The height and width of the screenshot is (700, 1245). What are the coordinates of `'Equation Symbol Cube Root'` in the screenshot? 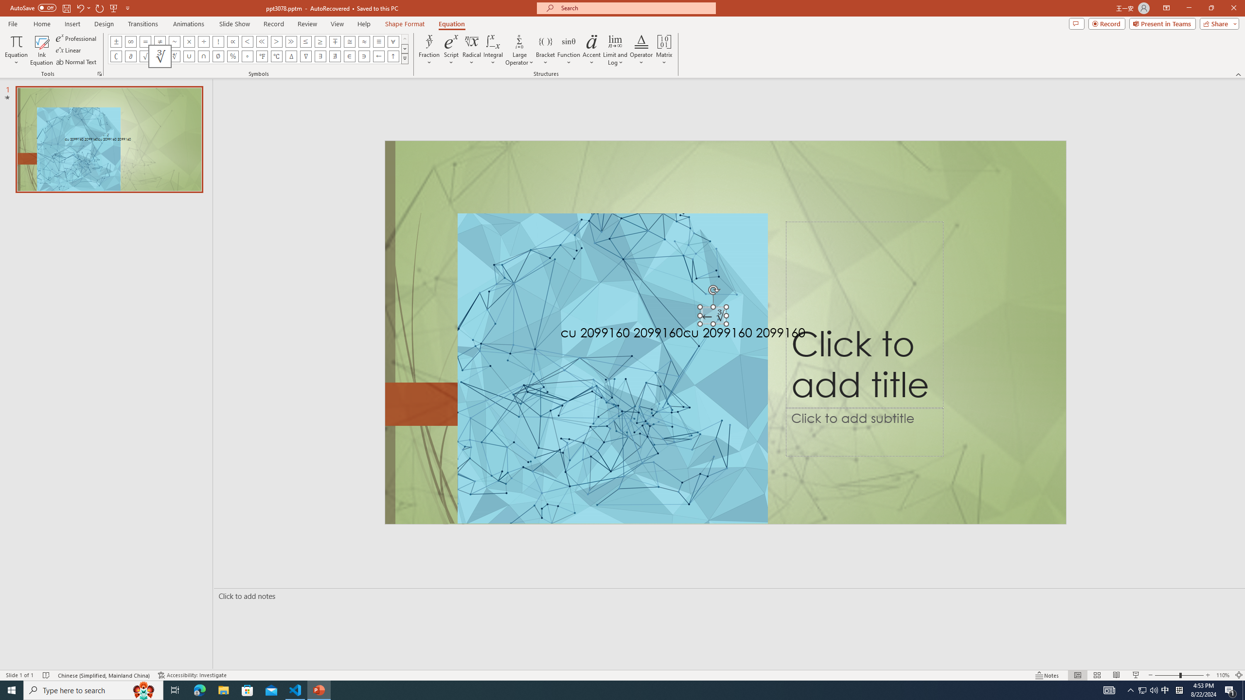 It's located at (159, 55).